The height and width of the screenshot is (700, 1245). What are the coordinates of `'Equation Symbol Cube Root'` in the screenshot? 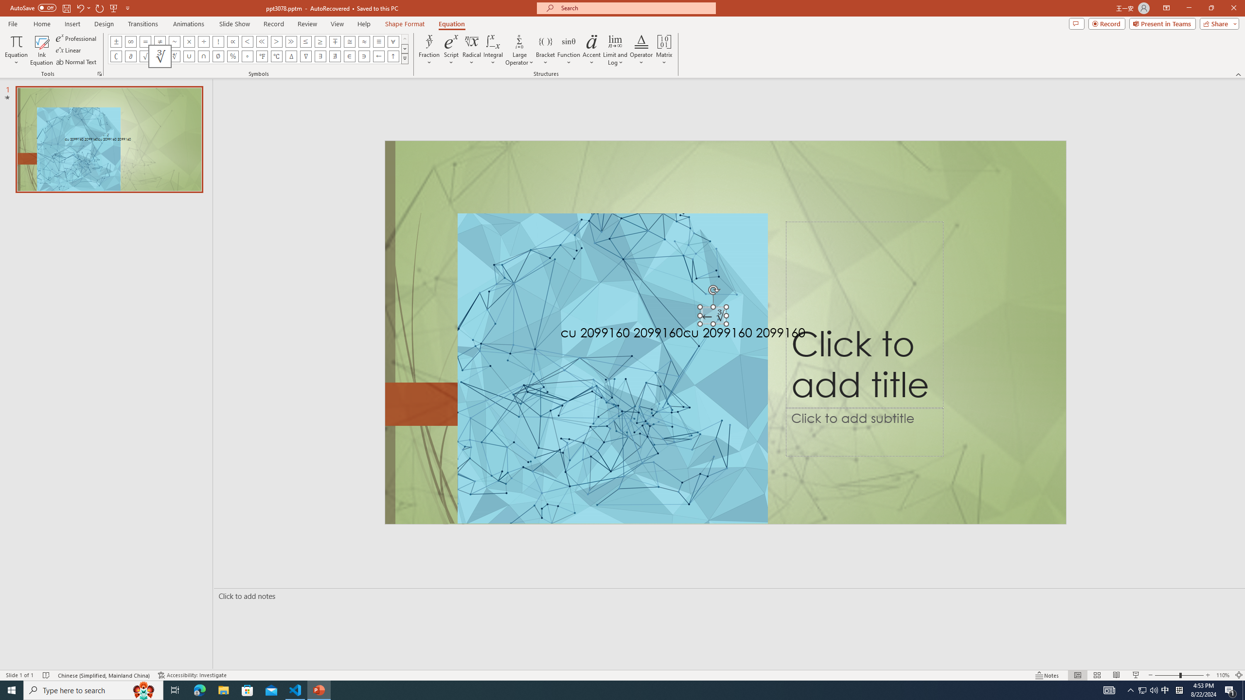 It's located at (159, 55).